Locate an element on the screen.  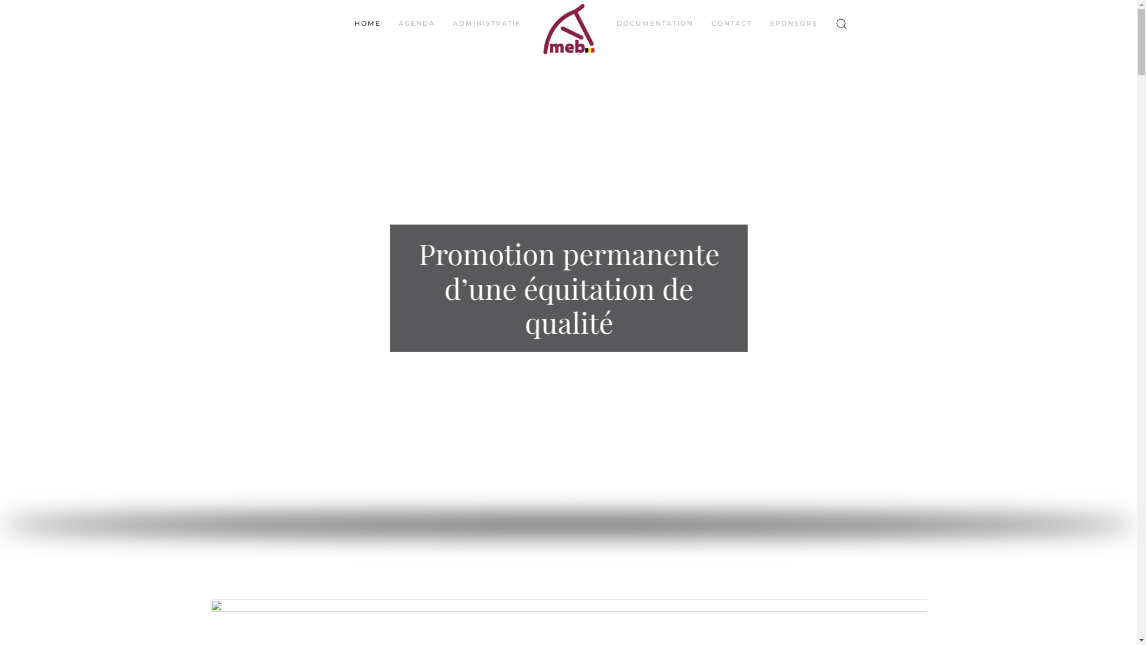
'CONTACT' is located at coordinates (731, 23).